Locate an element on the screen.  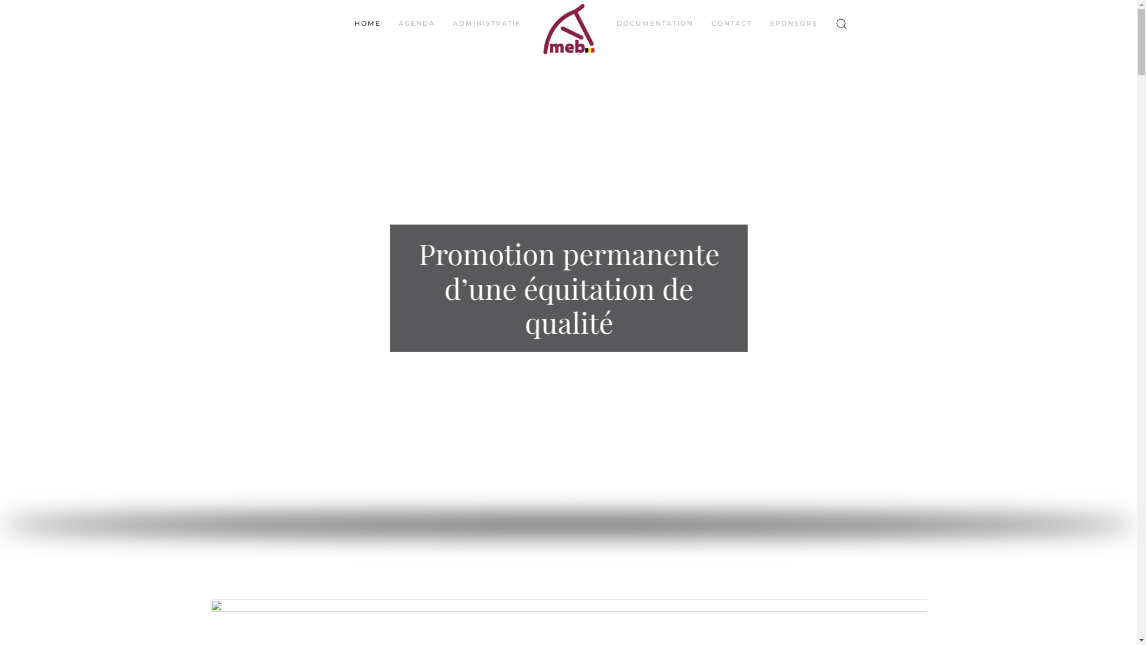
'CONTACT' is located at coordinates (731, 23).